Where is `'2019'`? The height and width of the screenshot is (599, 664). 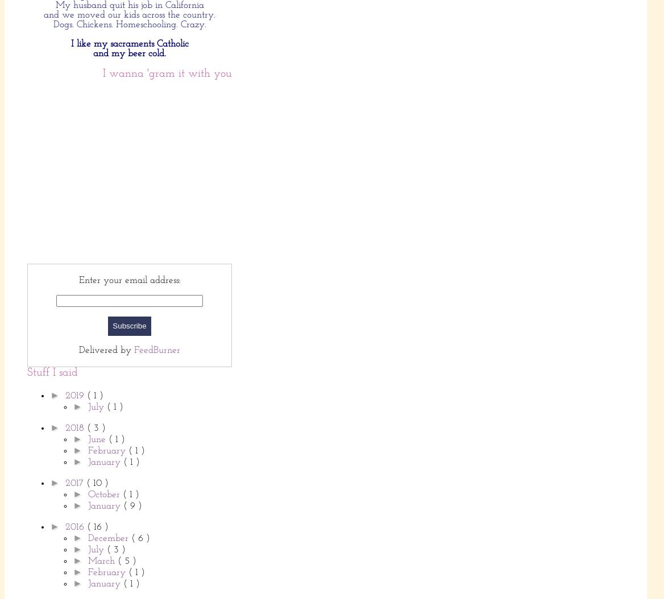
'2019' is located at coordinates (64, 394).